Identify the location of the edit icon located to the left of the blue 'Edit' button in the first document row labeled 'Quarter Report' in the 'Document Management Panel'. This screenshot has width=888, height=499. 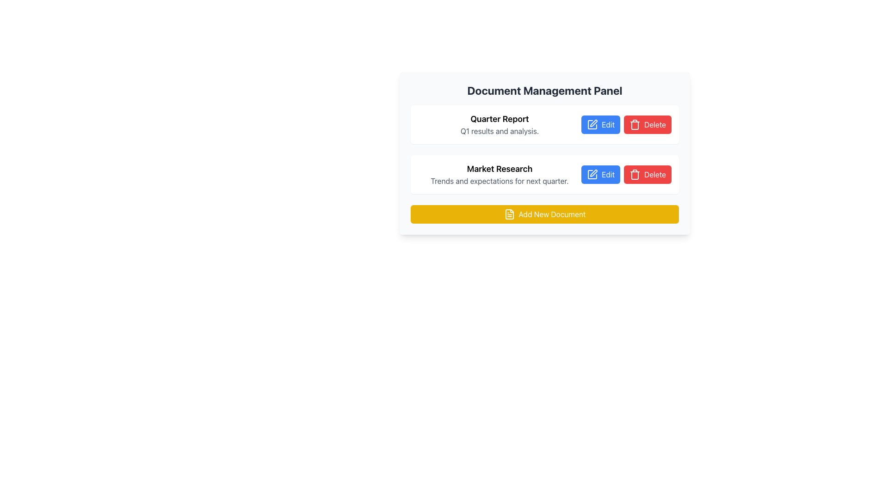
(592, 125).